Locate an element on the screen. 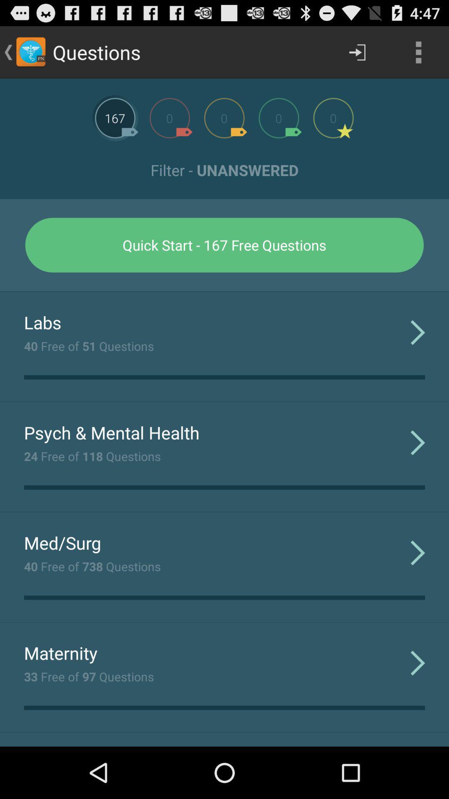 The image size is (449, 799). option is located at coordinates (169, 117).